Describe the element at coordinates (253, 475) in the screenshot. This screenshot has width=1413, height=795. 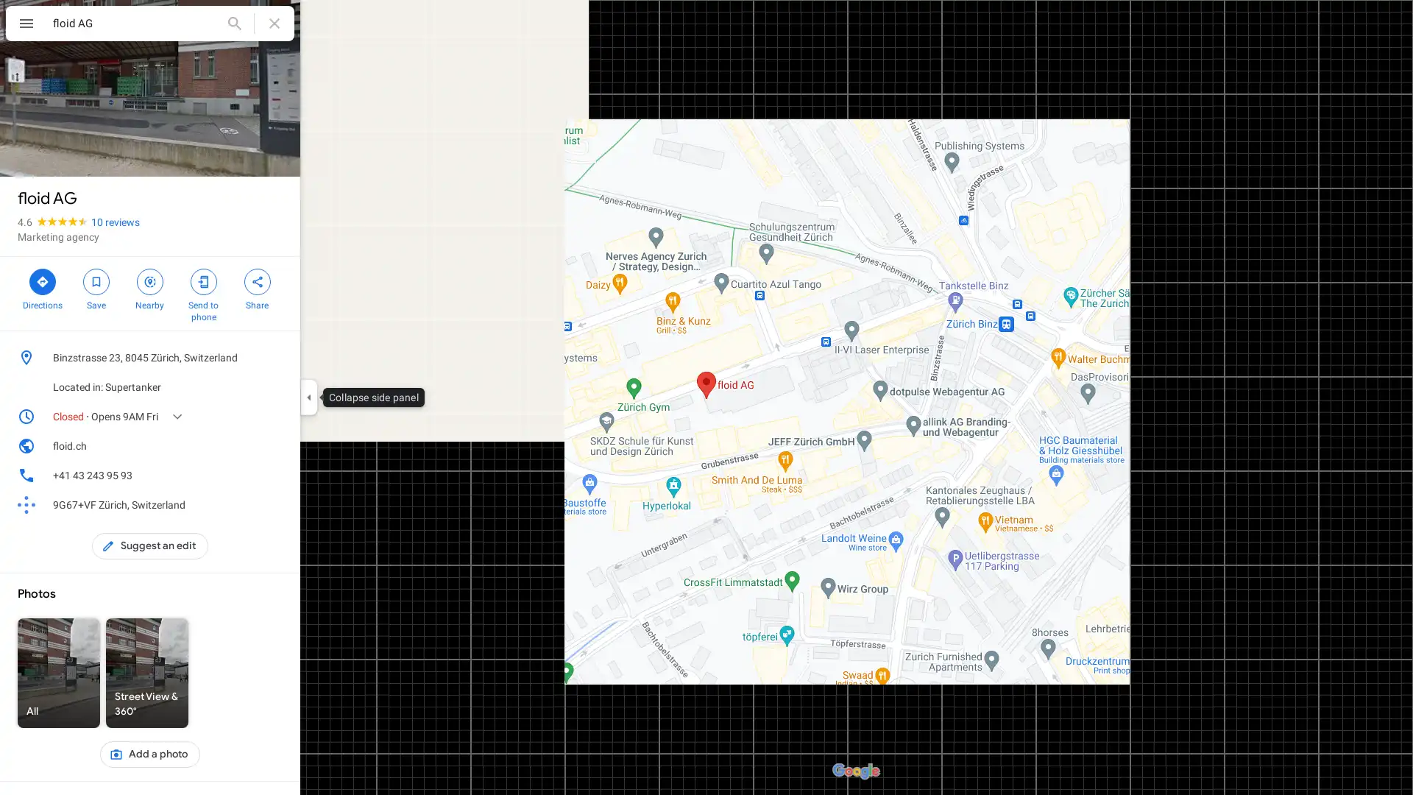
I see `Copy phone number` at that location.